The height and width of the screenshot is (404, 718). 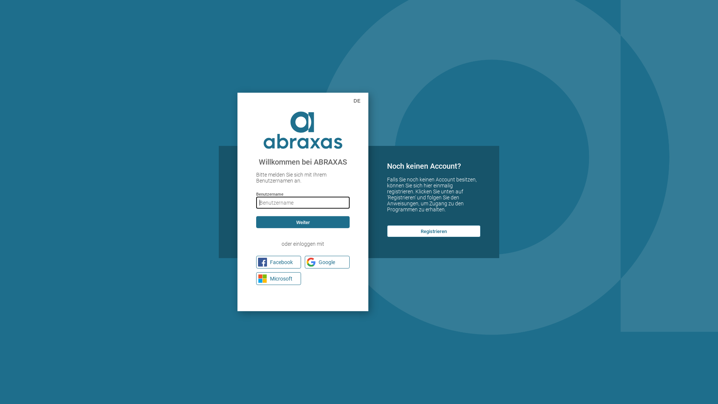 I want to click on 'Microsoft', so click(x=278, y=278).